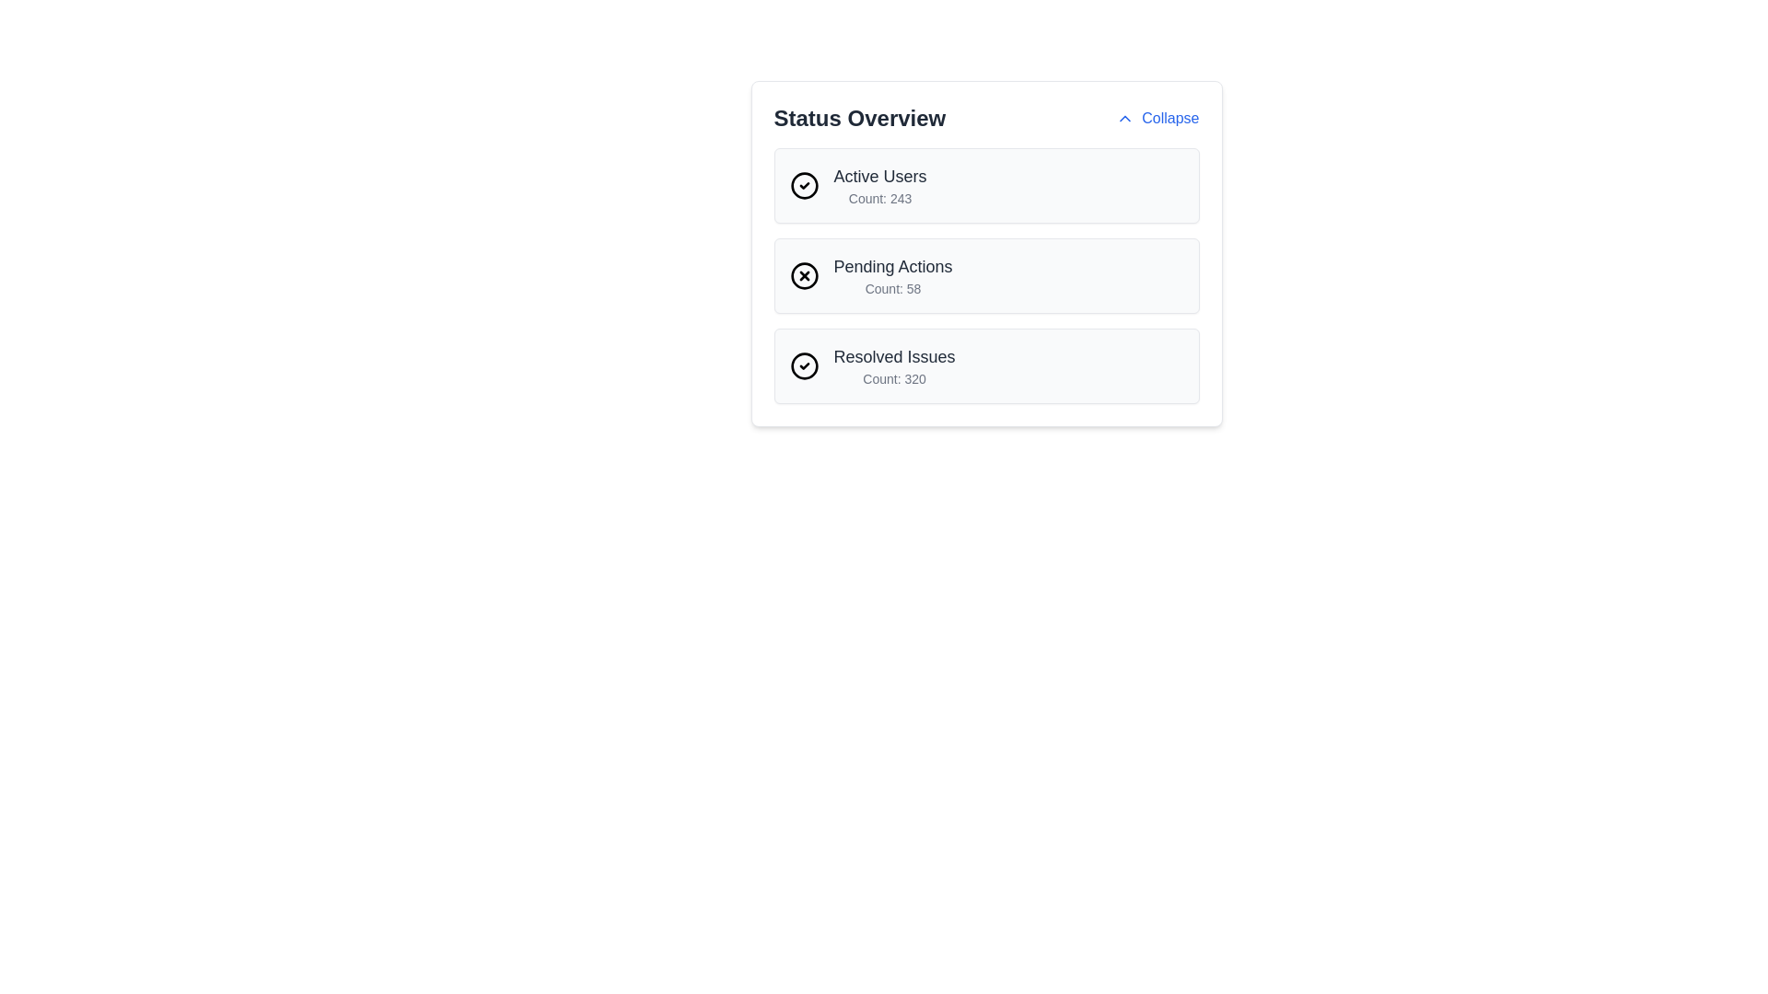 Image resolution: width=1768 pixels, height=994 pixels. Describe the element at coordinates (892, 288) in the screenshot. I see `the text label showing the numerical count associated with the 'Pending Actions' category, positioned centrally below the title in the 'Pending Actions' section` at that location.